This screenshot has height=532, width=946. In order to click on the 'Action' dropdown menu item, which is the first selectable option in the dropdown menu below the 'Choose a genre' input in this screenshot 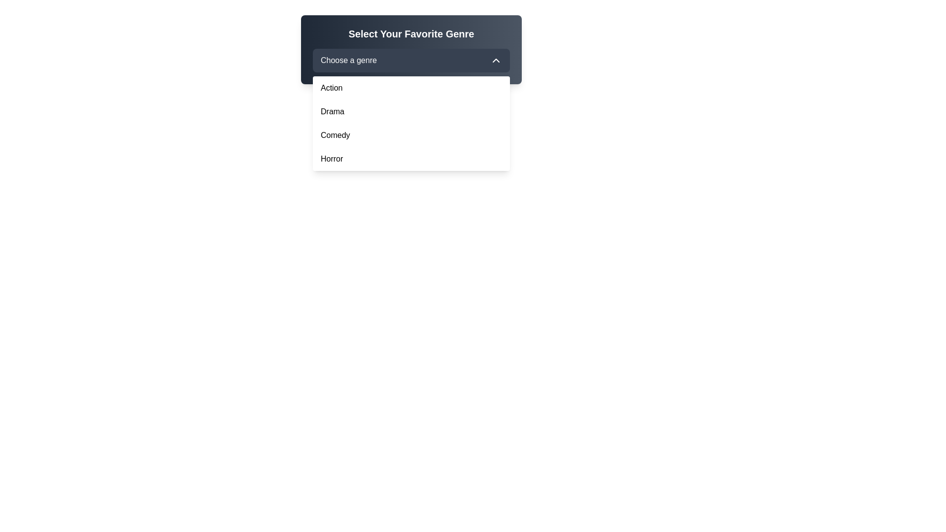, I will do `click(332, 87)`.